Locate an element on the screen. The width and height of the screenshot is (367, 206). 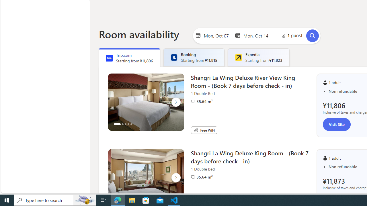
'Start Date' is located at coordinates (217, 35).